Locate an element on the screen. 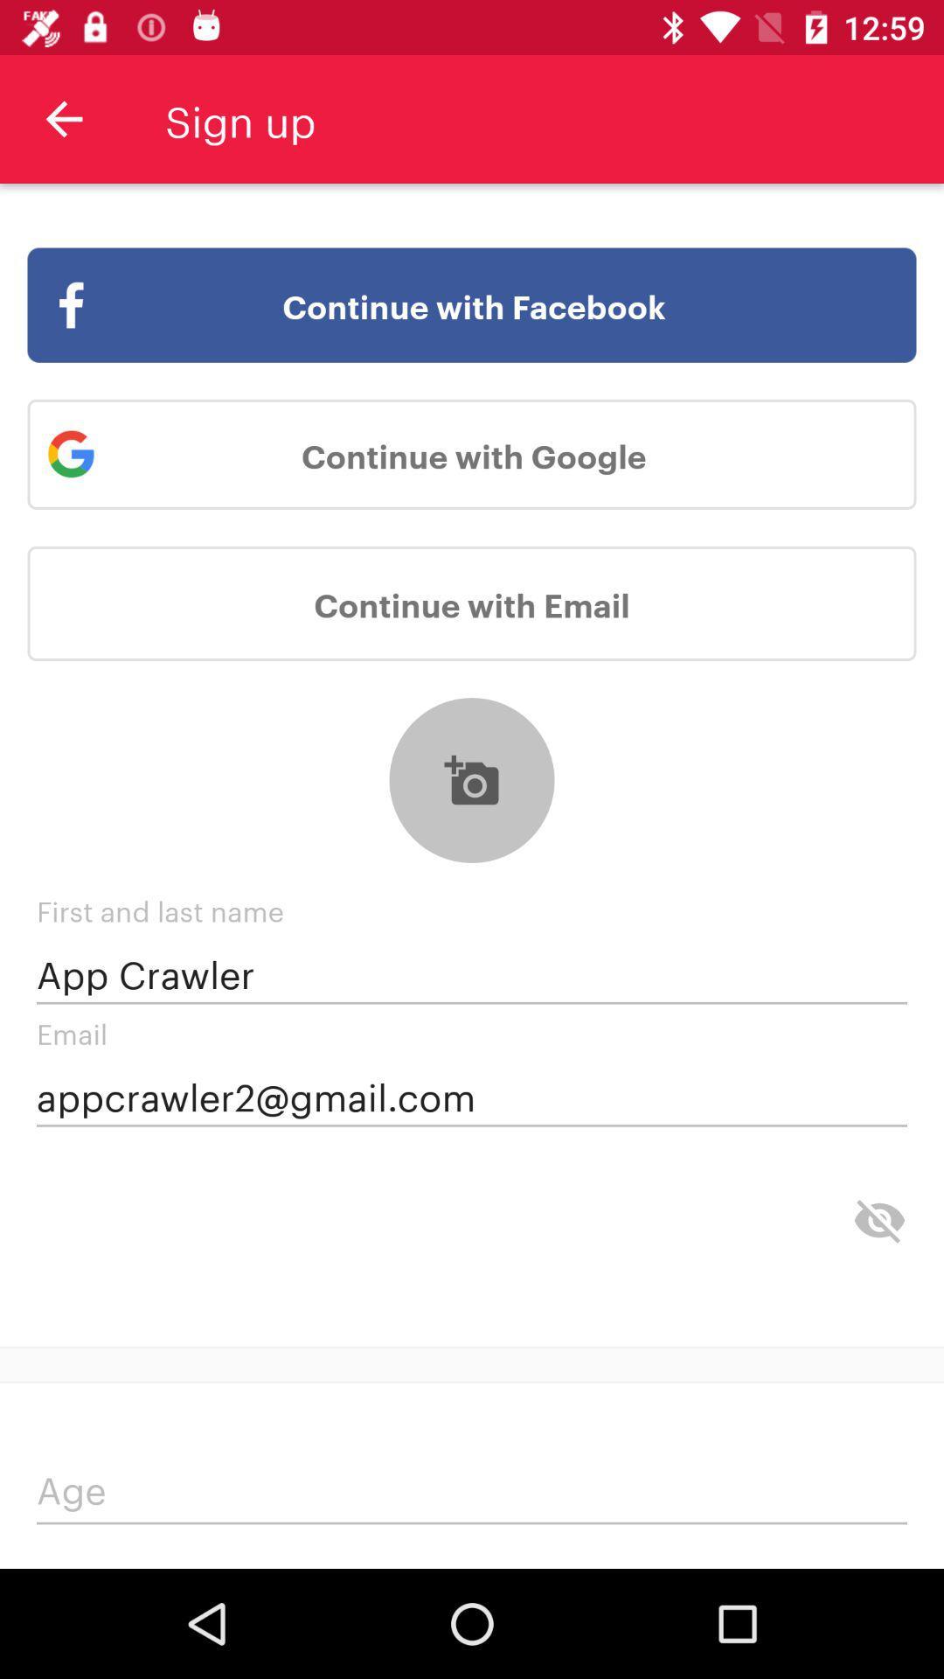  the image above the text first and last name is located at coordinates (472, 779).